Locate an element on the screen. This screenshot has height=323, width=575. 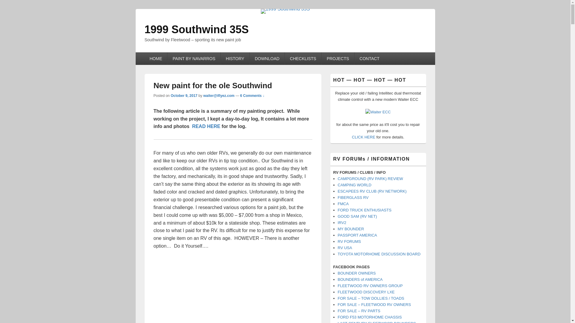
'BOUNDER OWNERS' is located at coordinates (338, 273).